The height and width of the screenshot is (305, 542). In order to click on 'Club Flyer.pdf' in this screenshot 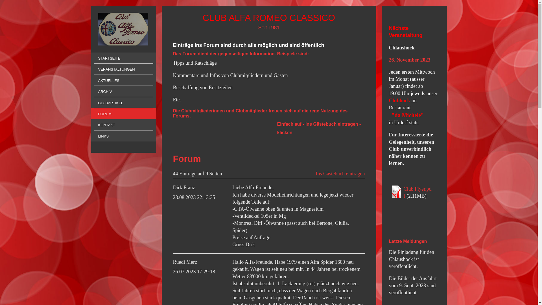, I will do `click(418, 192)`.